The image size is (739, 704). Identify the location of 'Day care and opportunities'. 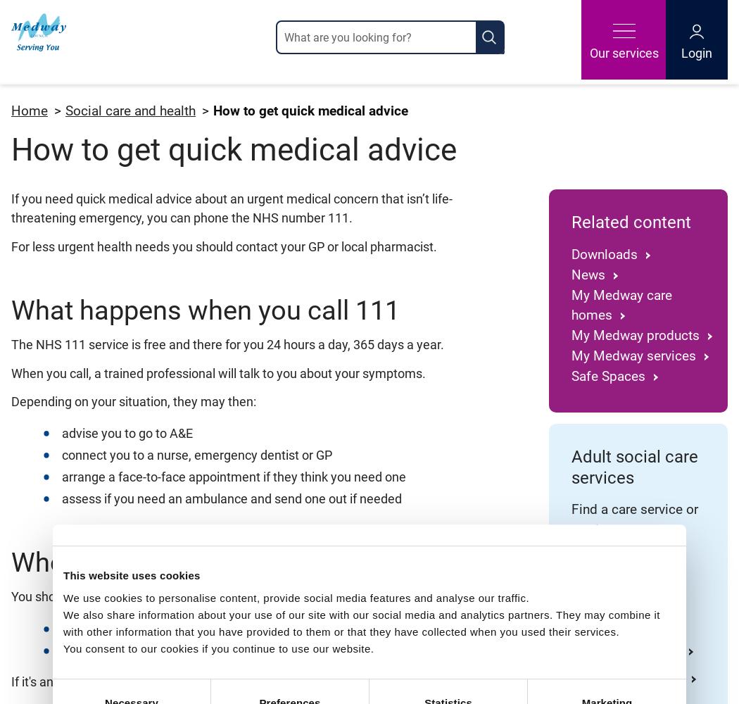
(609, 612).